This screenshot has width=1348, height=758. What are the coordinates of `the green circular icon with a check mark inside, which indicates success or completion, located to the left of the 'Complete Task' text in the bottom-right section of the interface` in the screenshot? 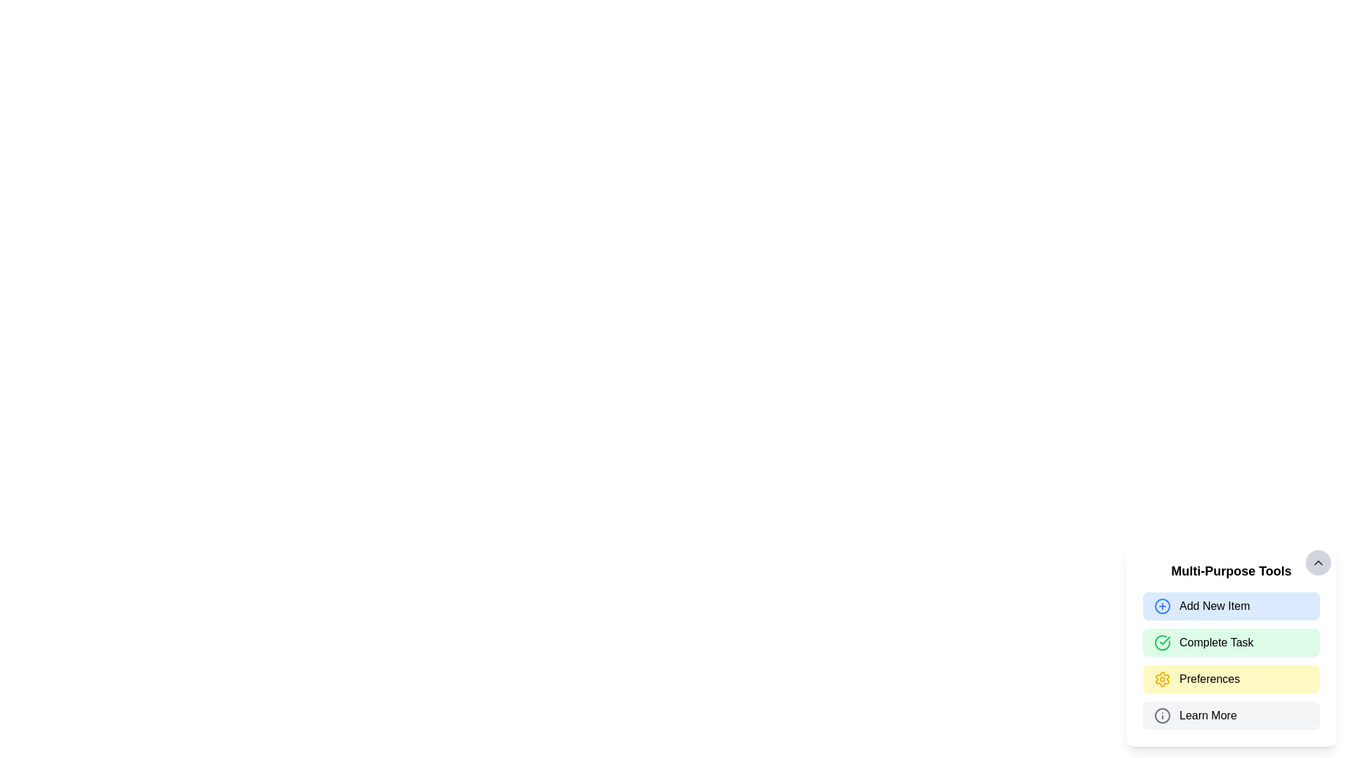 It's located at (1163, 642).